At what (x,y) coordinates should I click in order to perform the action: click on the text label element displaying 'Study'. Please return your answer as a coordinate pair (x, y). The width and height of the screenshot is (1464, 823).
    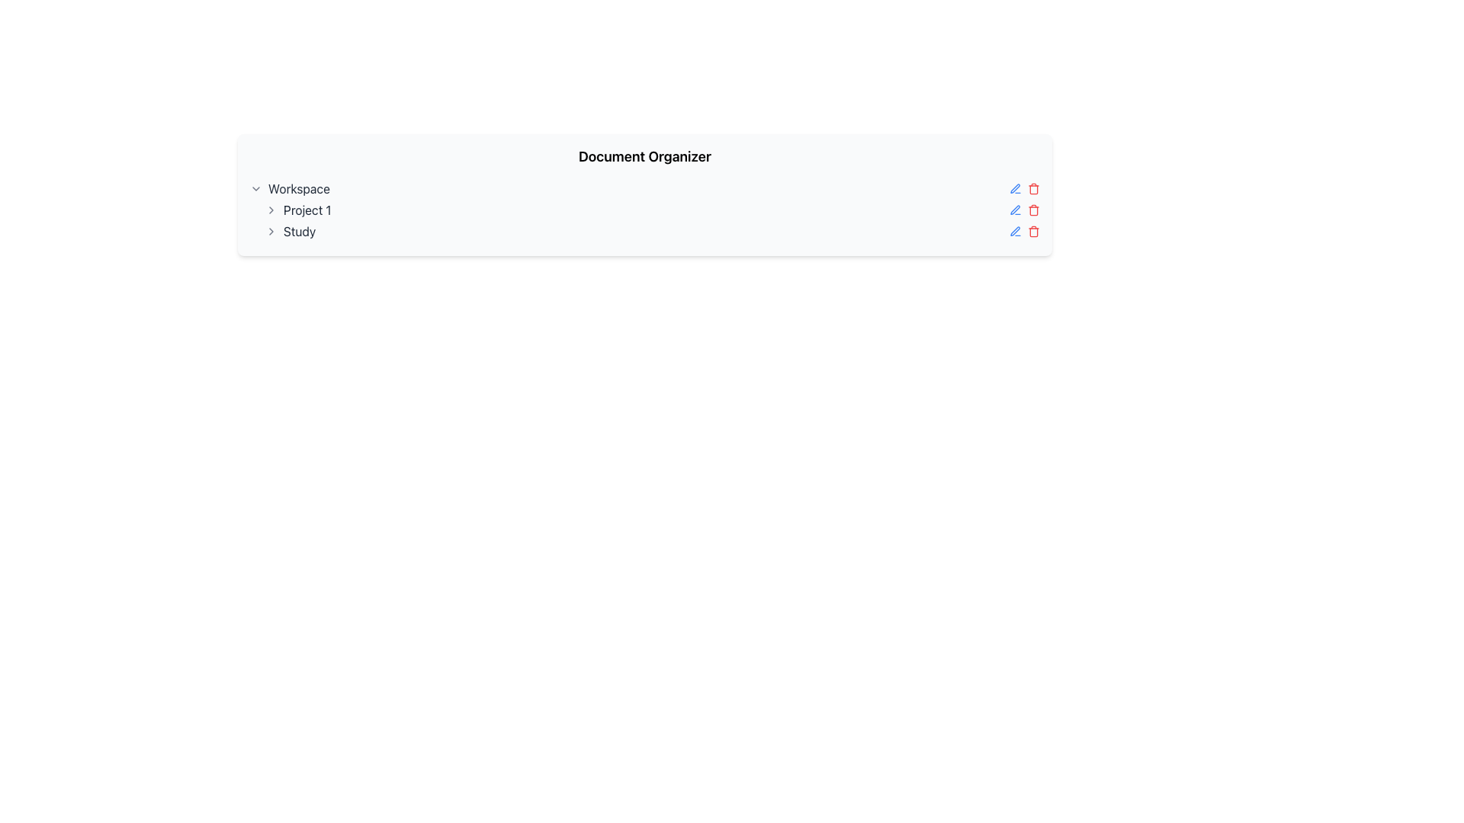
    Looking at the image, I should click on (300, 232).